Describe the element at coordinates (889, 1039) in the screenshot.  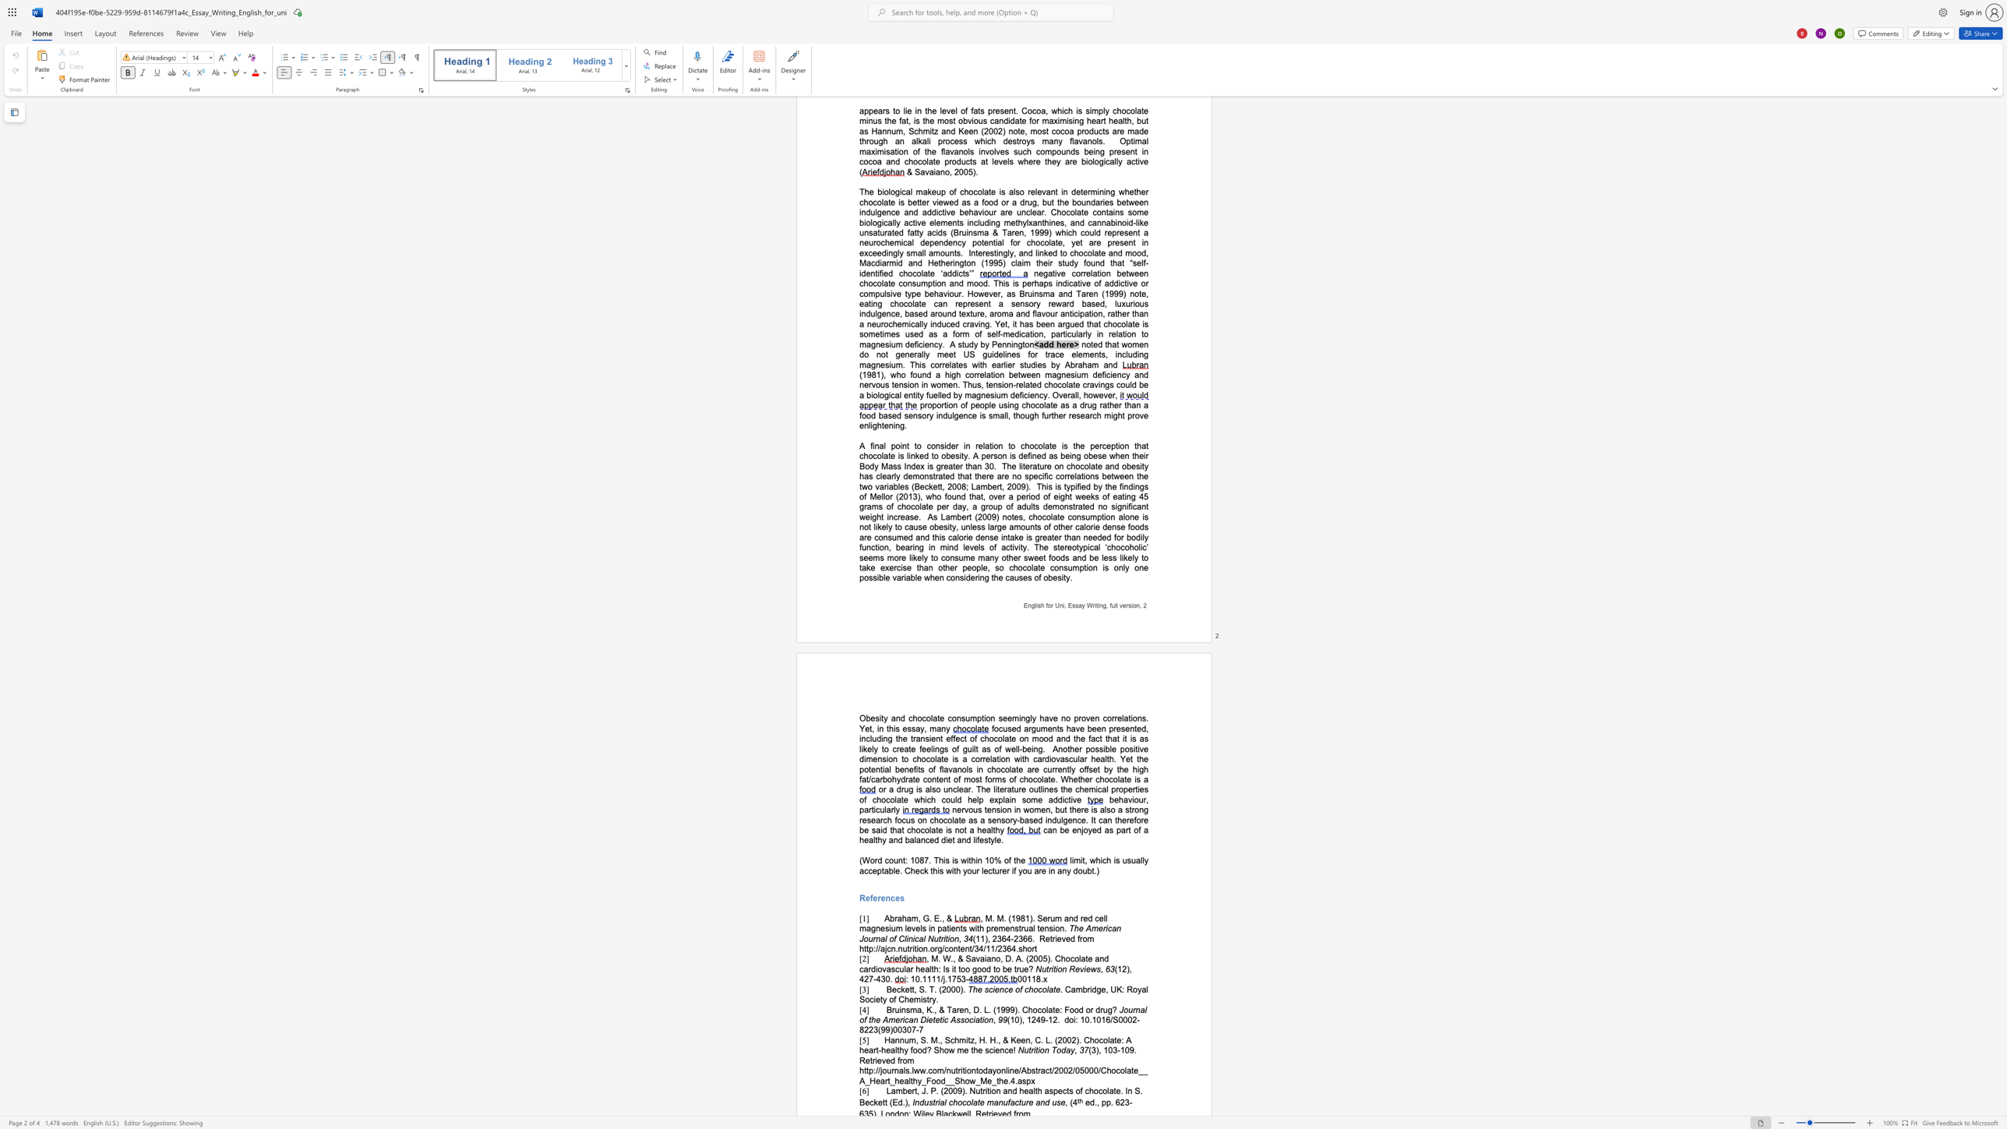
I see `the subset text "annum, S. M., Schmitz, H. H., & Keen, C. L. (2002). Chocolate: A heart-healthy food? Show me the scie" within the text "Hannum, S. M., Schmitz, H. H., & Keen, C. L. (2002). Chocolate: A heart-healthy food? Show me the science!"` at that location.